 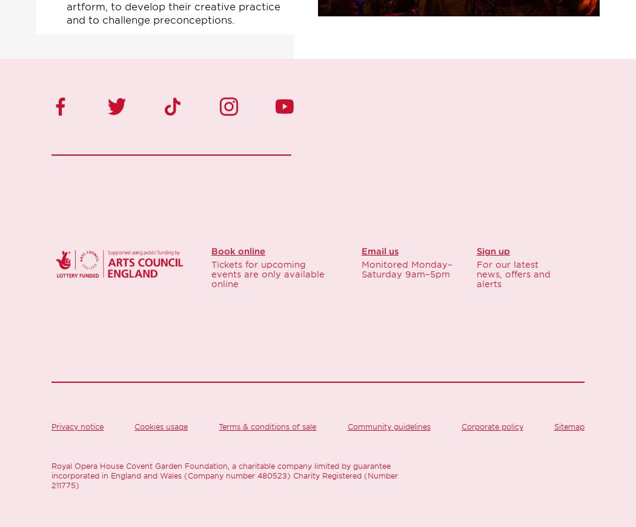 I want to click on 'Terms & conditions of sale', so click(x=267, y=426).